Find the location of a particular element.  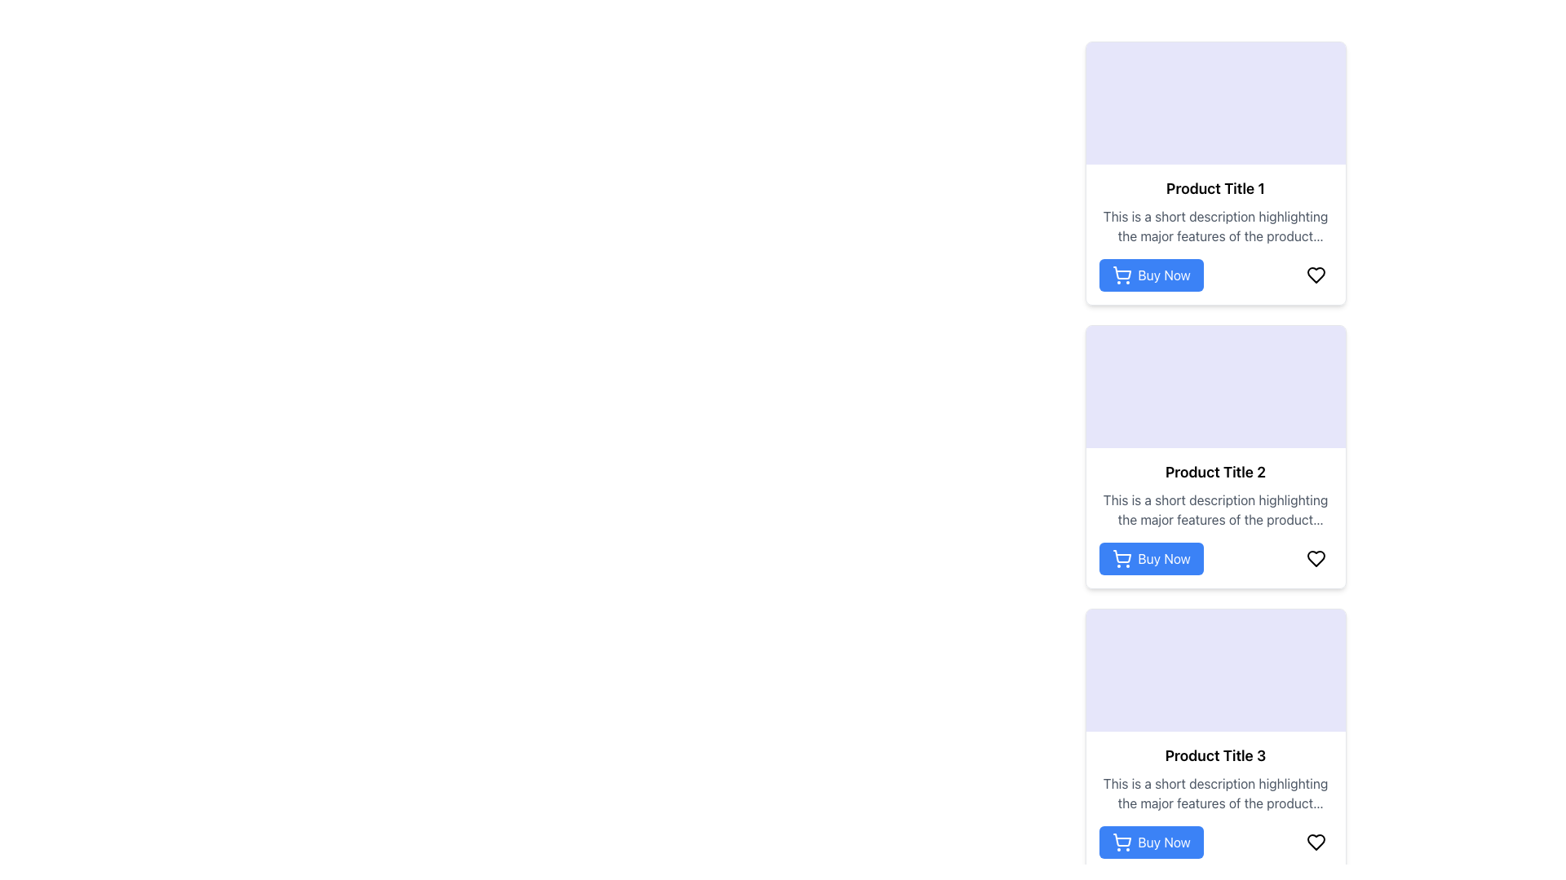

the shopping cart icon within the 'Buy Now' button located at the bottom right corner of the product card for 'Product Title 3' is located at coordinates (1121, 840).